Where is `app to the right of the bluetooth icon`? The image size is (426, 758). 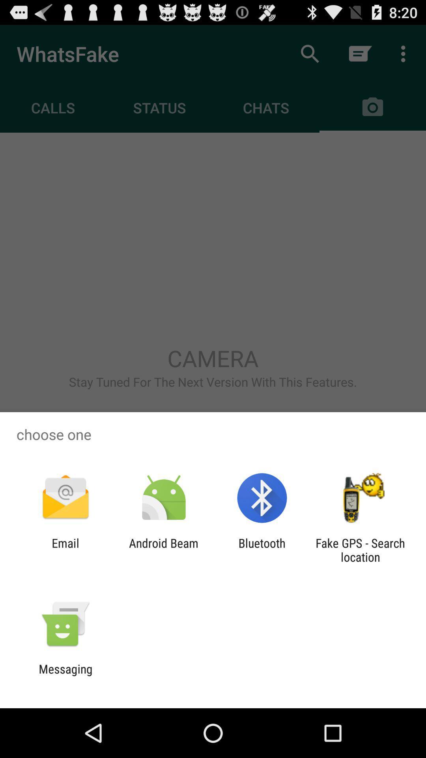 app to the right of the bluetooth icon is located at coordinates (360, 550).